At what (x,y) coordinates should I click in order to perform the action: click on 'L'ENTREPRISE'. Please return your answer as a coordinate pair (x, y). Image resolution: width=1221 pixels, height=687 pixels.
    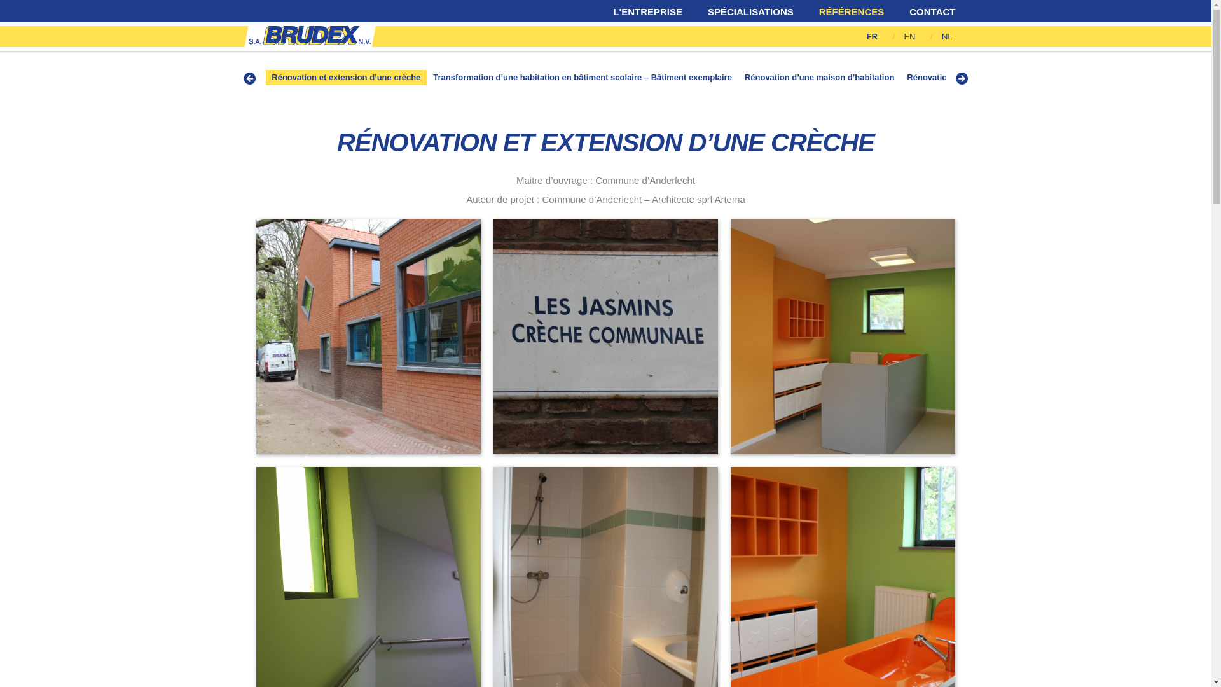
    Looking at the image, I should click on (647, 11).